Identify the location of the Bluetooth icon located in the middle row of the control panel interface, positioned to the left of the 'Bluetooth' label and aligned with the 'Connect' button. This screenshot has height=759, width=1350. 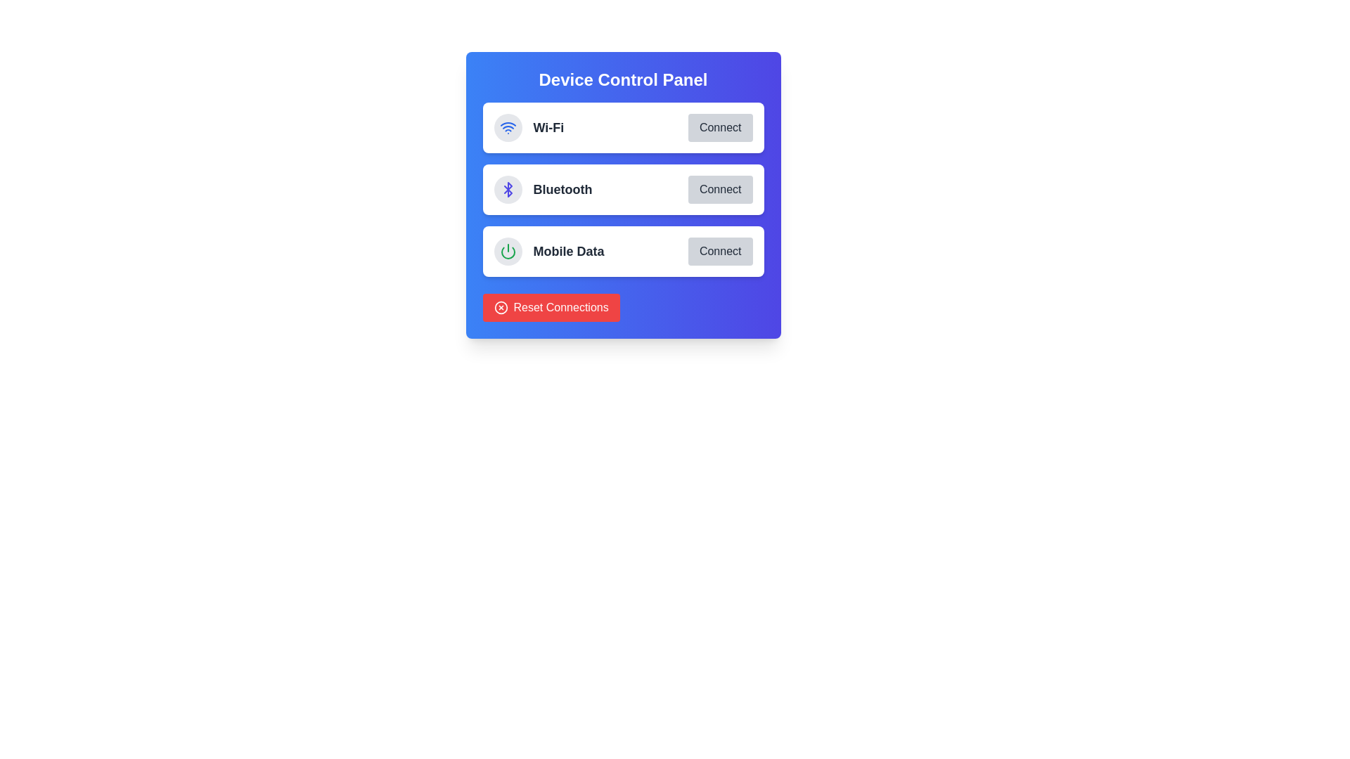
(507, 190).